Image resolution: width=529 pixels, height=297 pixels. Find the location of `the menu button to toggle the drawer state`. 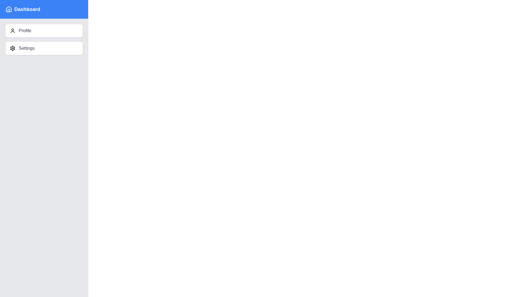

the menu button to toggle the drawer state is located at coordinates (13, 14).